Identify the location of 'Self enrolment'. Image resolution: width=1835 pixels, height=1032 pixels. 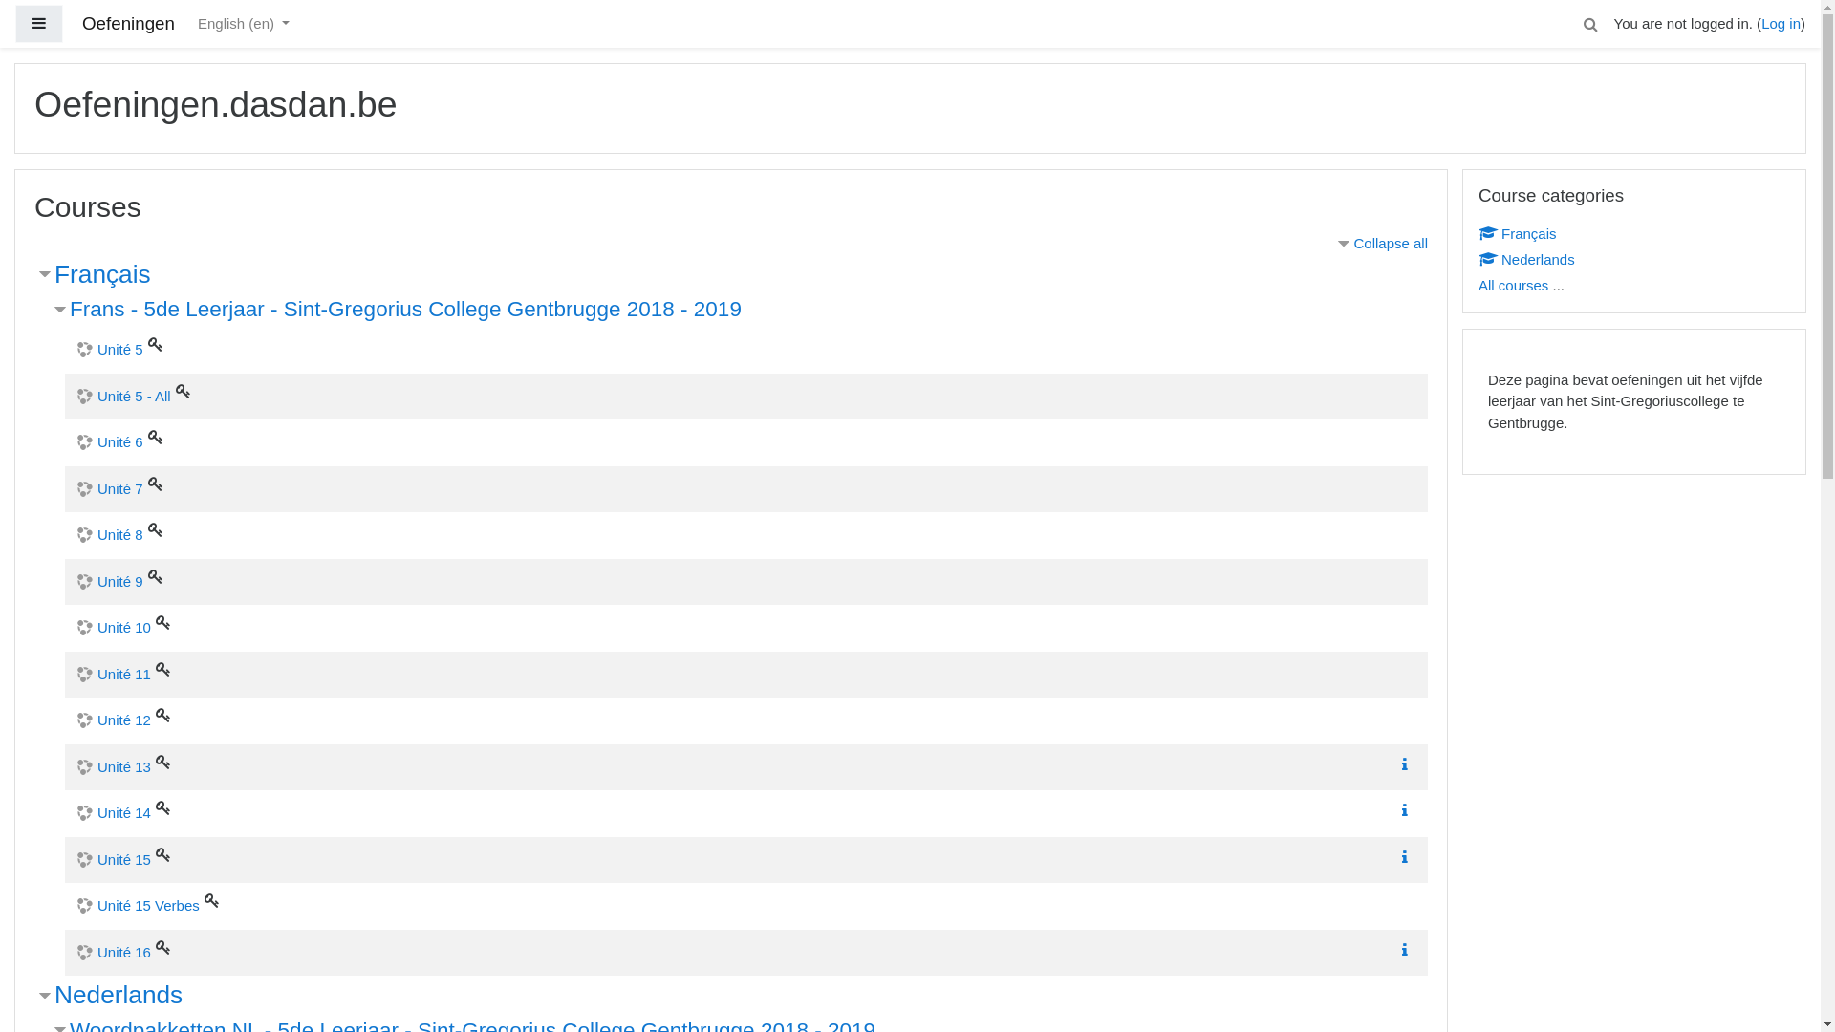
(163, 622).